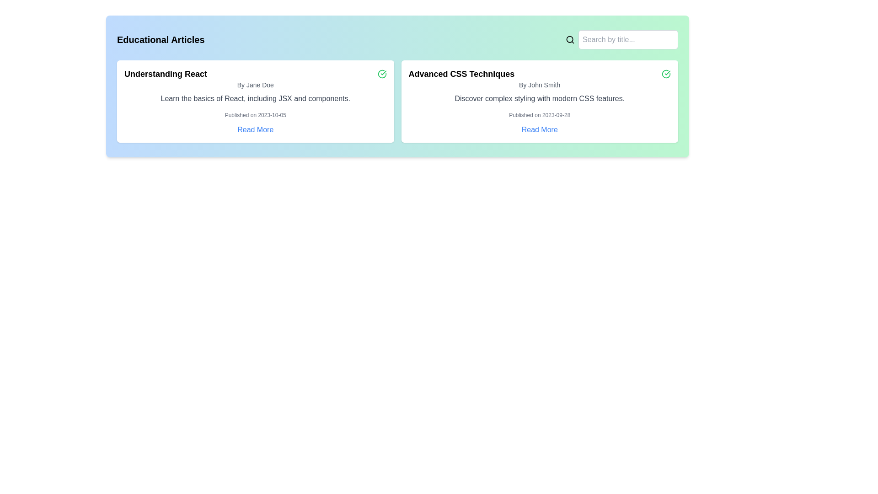  What do you see at coordinates (569, 39) in the screenshot?
I see `the decorative part of the search icon, which is located in the top-right segment of the UI next to the search input field` at bounding box center [569, 39].